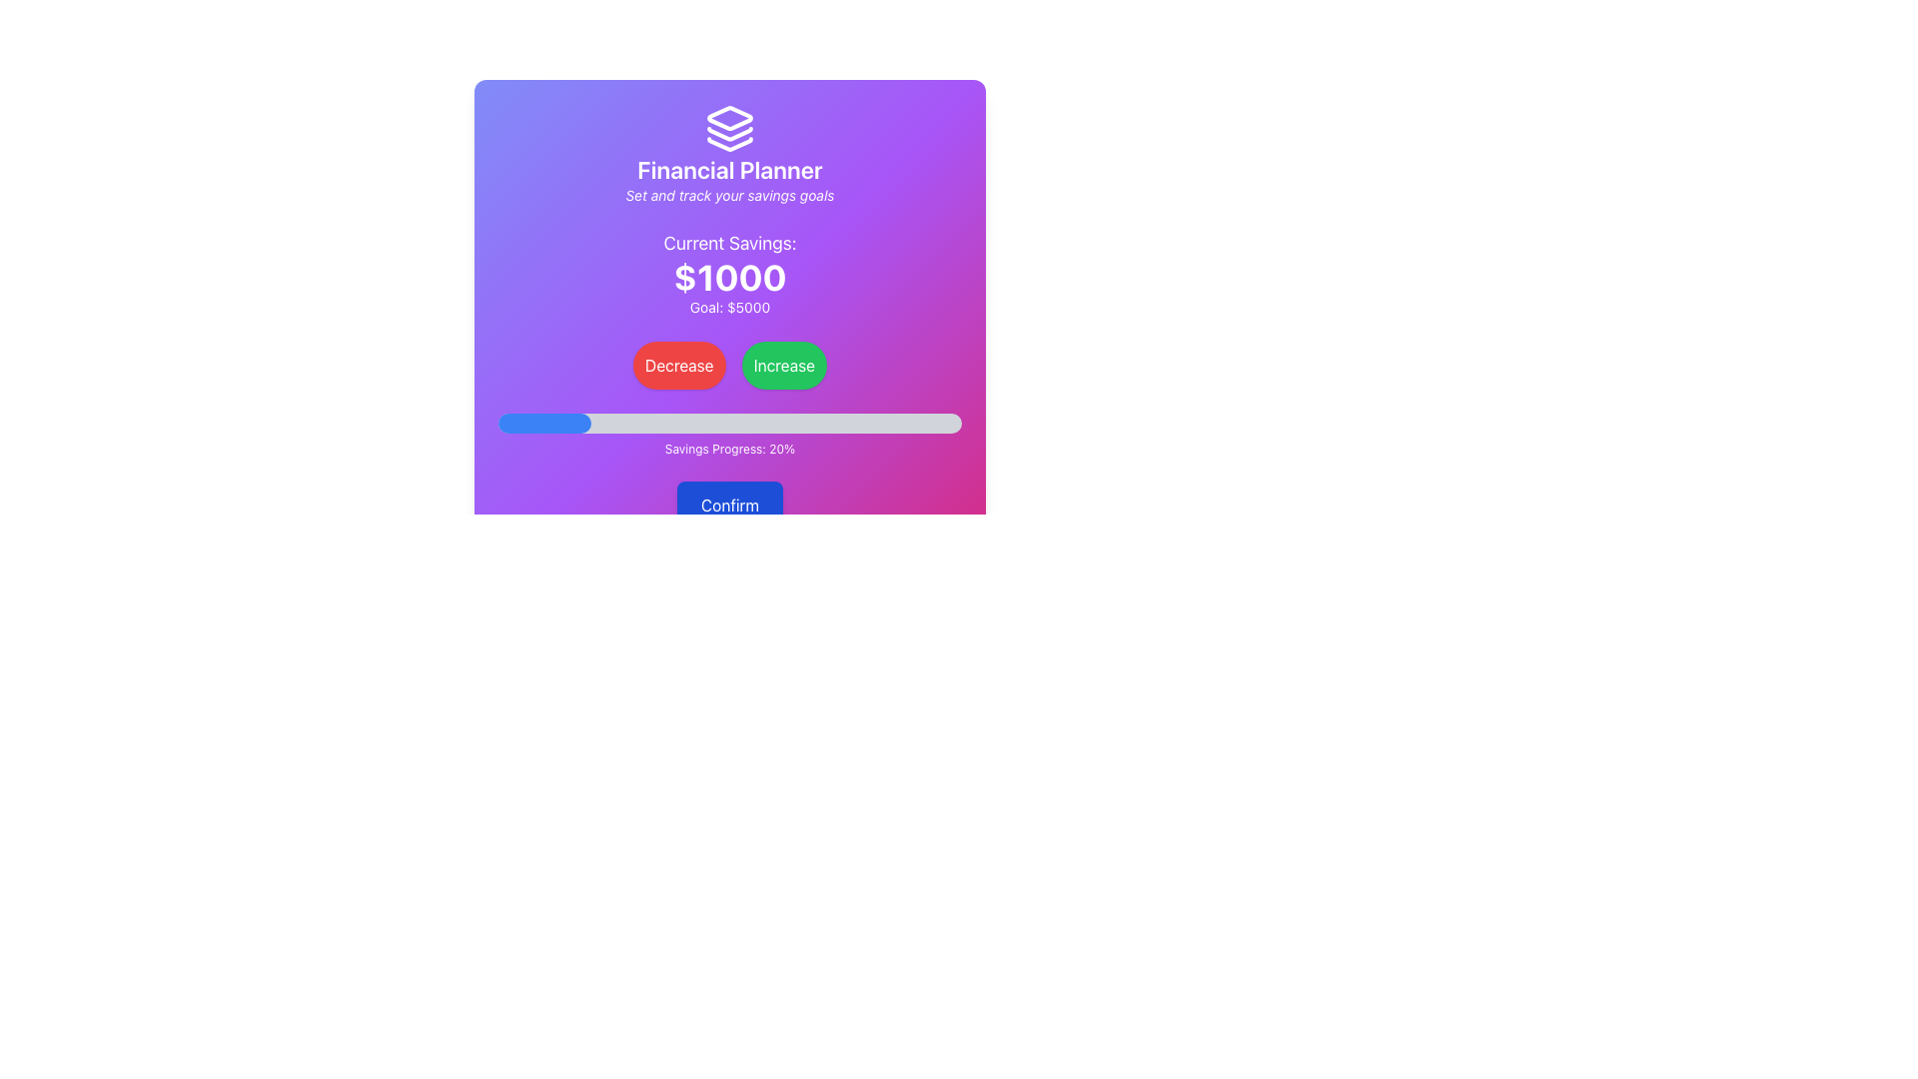  What do you see at coordinates (728, 196) in the screenshot?
I see `the italicized text label reading 'Set and track your savings goals', which is positioned below the 'Financial Planner' heading` at bounding box center [728, 196].